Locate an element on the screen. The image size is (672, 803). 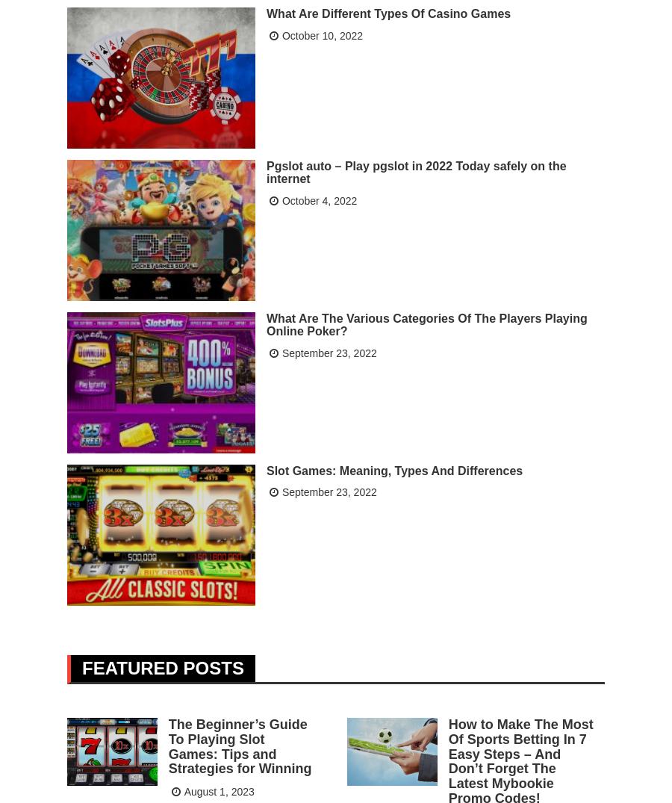
'Featured Posts' is located at coordinates (81, 666).